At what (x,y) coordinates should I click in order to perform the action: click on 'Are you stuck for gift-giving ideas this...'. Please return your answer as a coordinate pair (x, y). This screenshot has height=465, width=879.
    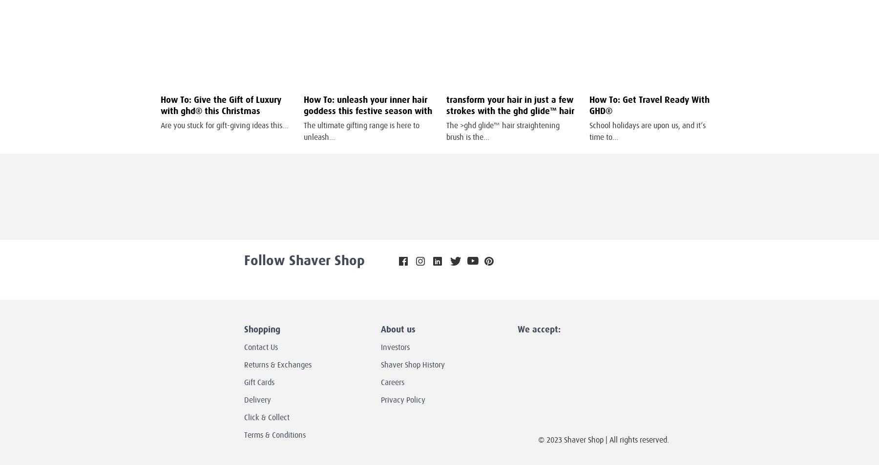
    Looking at the image, I should click on (224, 125).